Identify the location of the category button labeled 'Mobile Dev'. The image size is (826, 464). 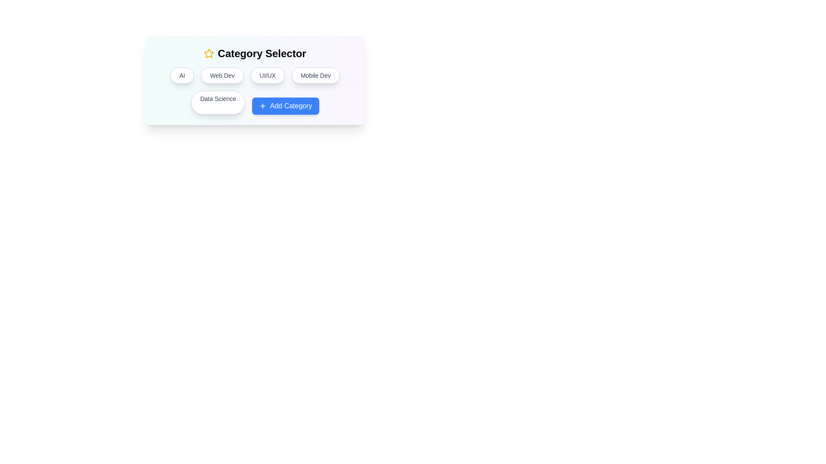
(315, 75).